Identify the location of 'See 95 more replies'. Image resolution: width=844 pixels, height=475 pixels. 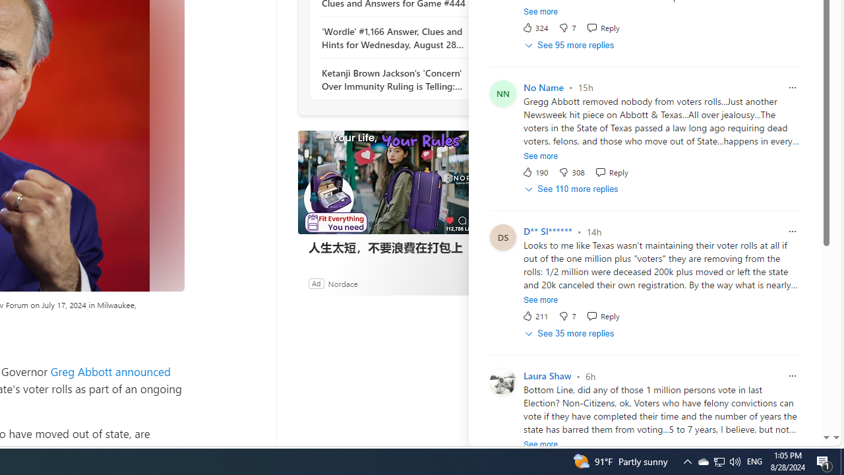
(570, 44).